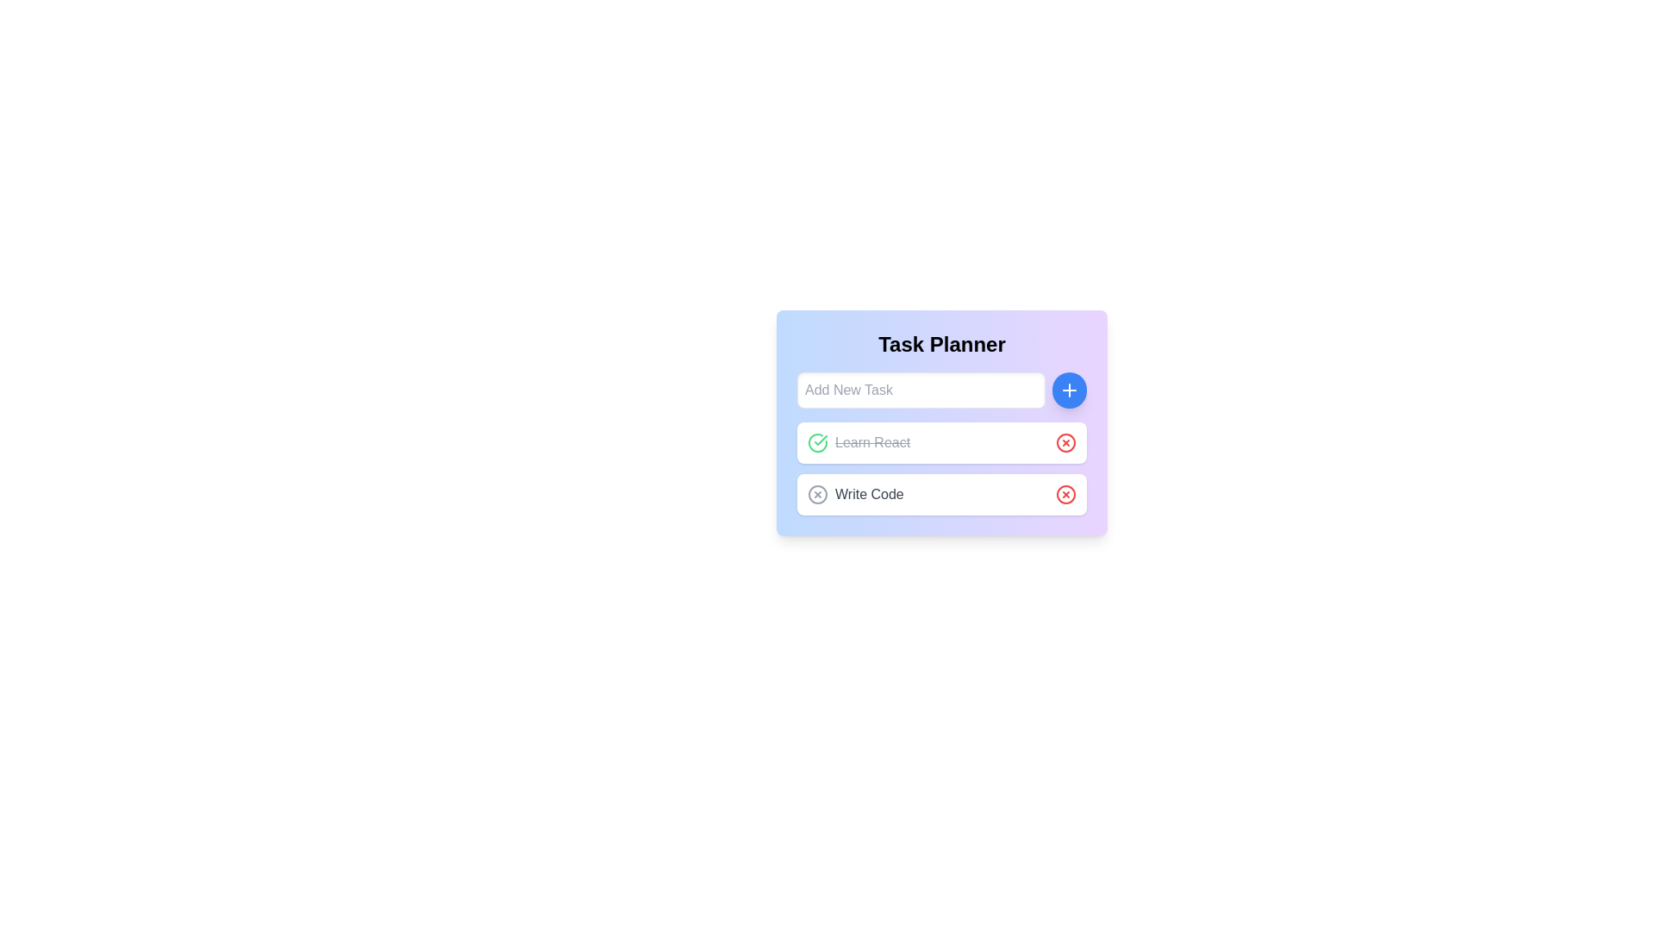 Image resolution: width=1655 pixels, height=931 pixels. Describe the element at coordinates (1065, 495) in the screenshot. I see `the delete button located on the far right side of the bottom row of tasks in the panel, adjacent to the text 'Write Code'` at that location.